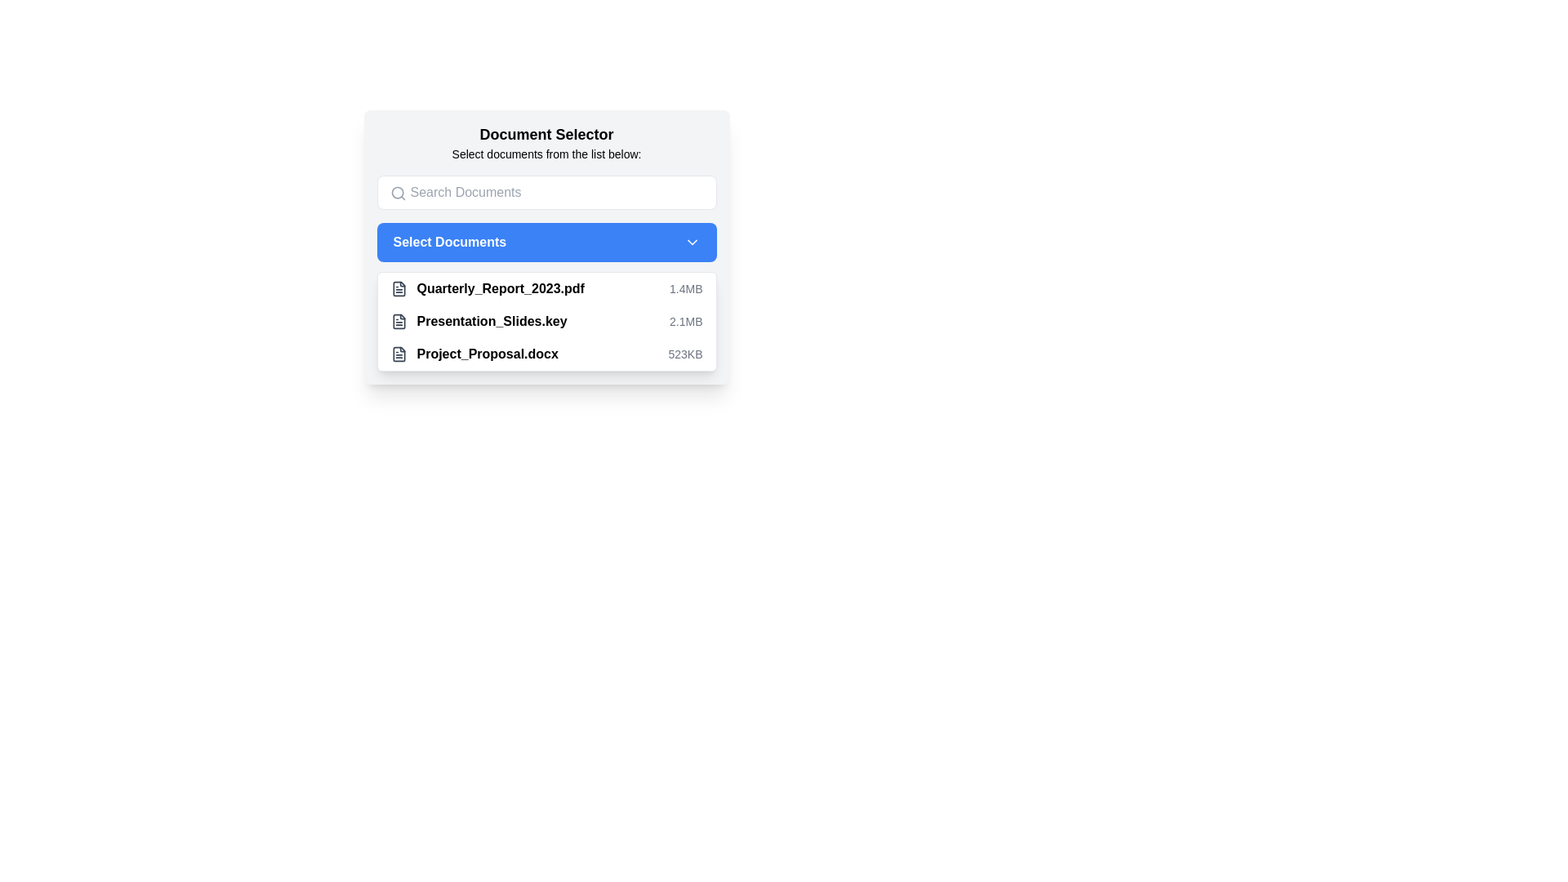  Describe the element at coordinates (500, 288) in the screenshot. I see `the text label displaying 'Quarterly_Report_2023.pdf'` at that location.